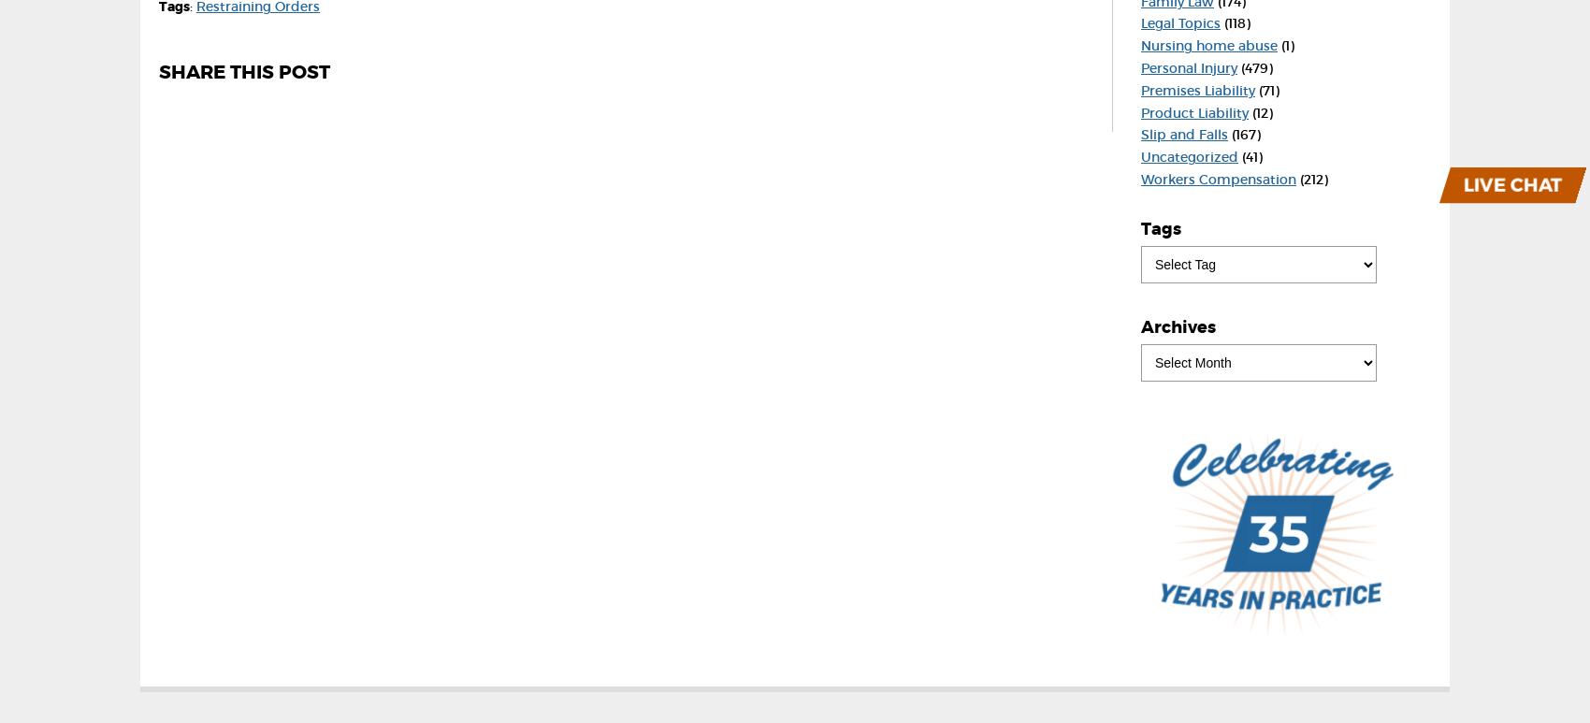 This screenshot has height=723, width=1590. I want to click on '(118)', so click(1236, 22).